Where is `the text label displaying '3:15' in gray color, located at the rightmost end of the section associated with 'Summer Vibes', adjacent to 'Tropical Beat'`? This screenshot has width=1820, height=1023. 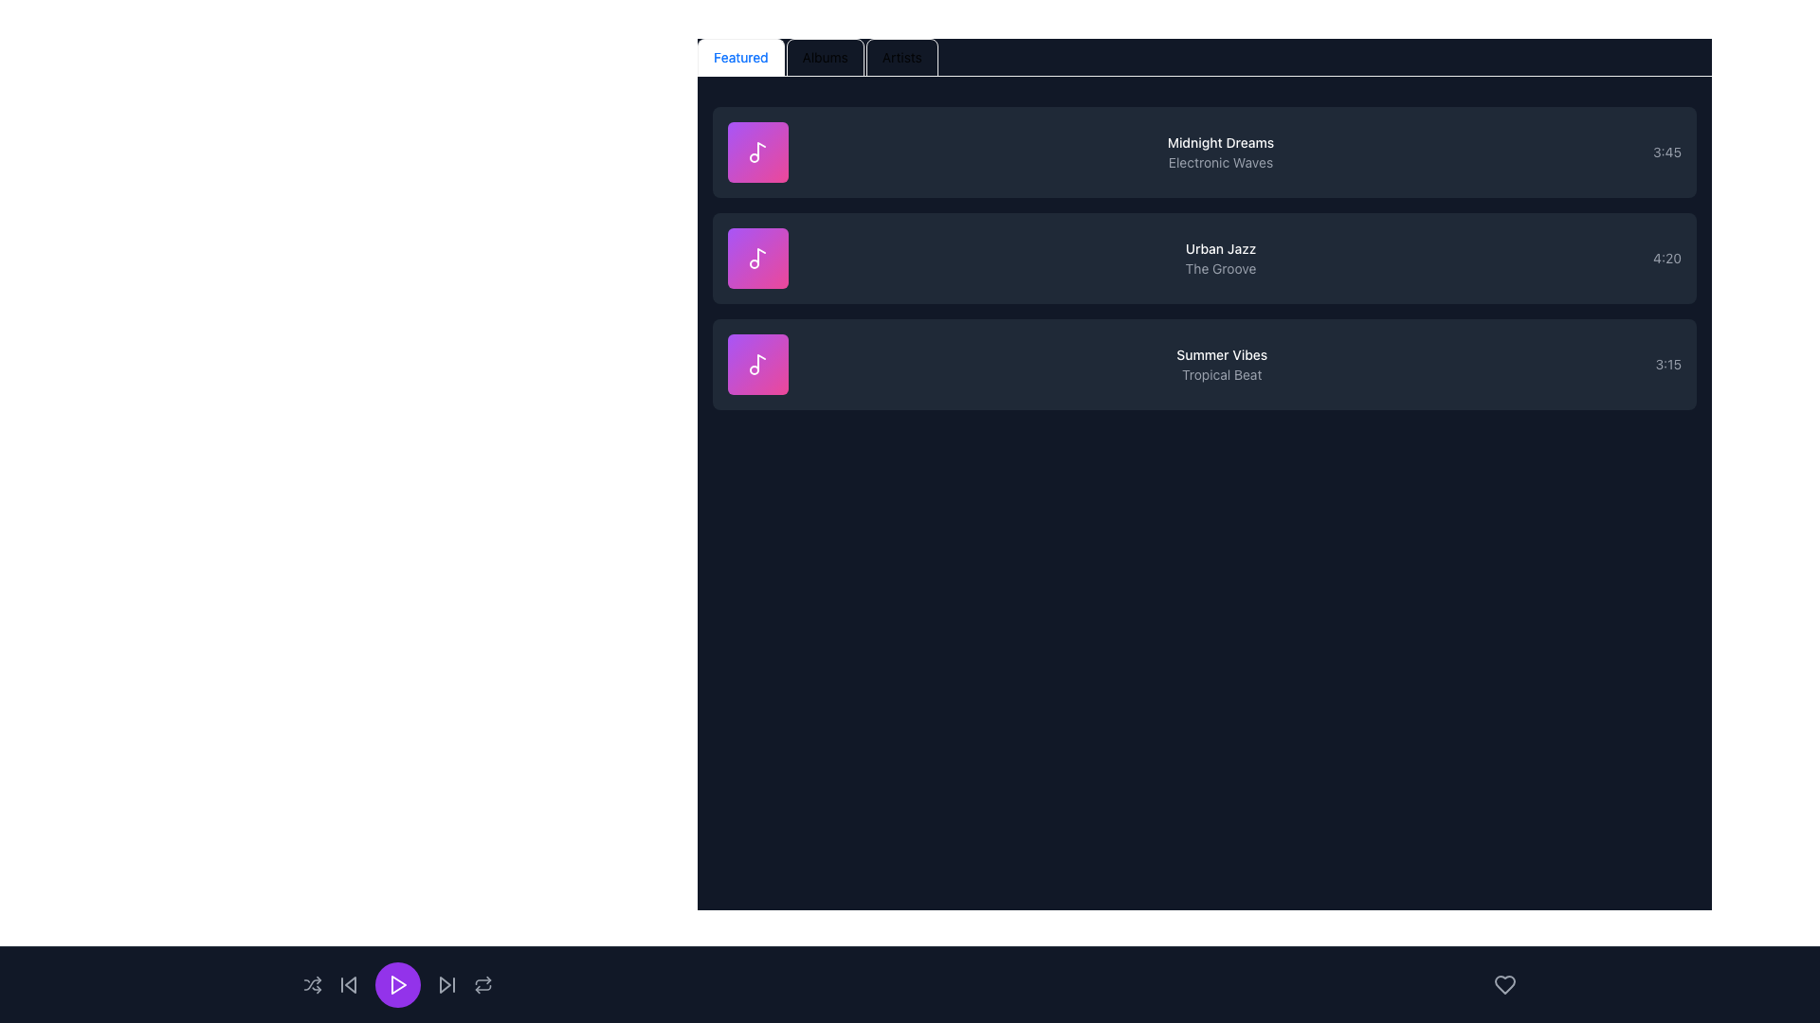
the text label displaying '3:15' in gray color, located at the rightmost end of the section associated with 'Summer Vibes', adjacent to 'Tropical Beat' is located at coordinates (1668, 365).